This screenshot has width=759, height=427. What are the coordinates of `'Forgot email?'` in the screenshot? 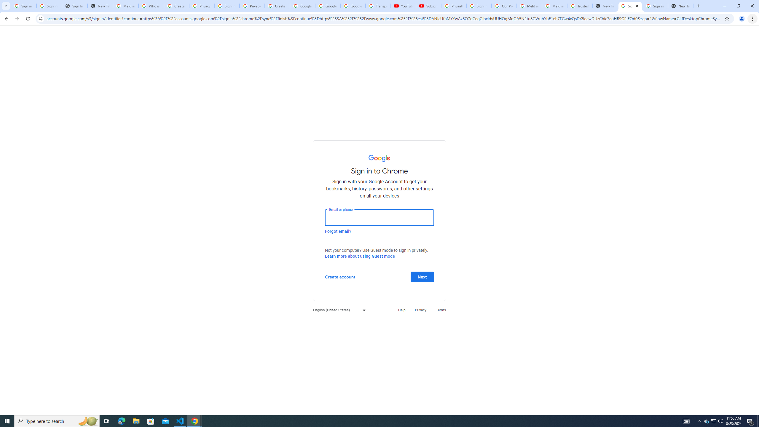 It's located at (338, 231).